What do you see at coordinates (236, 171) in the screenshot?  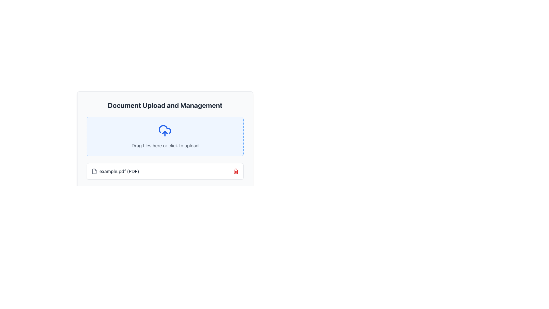 I see `the delete icon button located at the bottom-right corner of the card containing the file name 'example.pdf (PDF)'` at bounding box center [236, 171].